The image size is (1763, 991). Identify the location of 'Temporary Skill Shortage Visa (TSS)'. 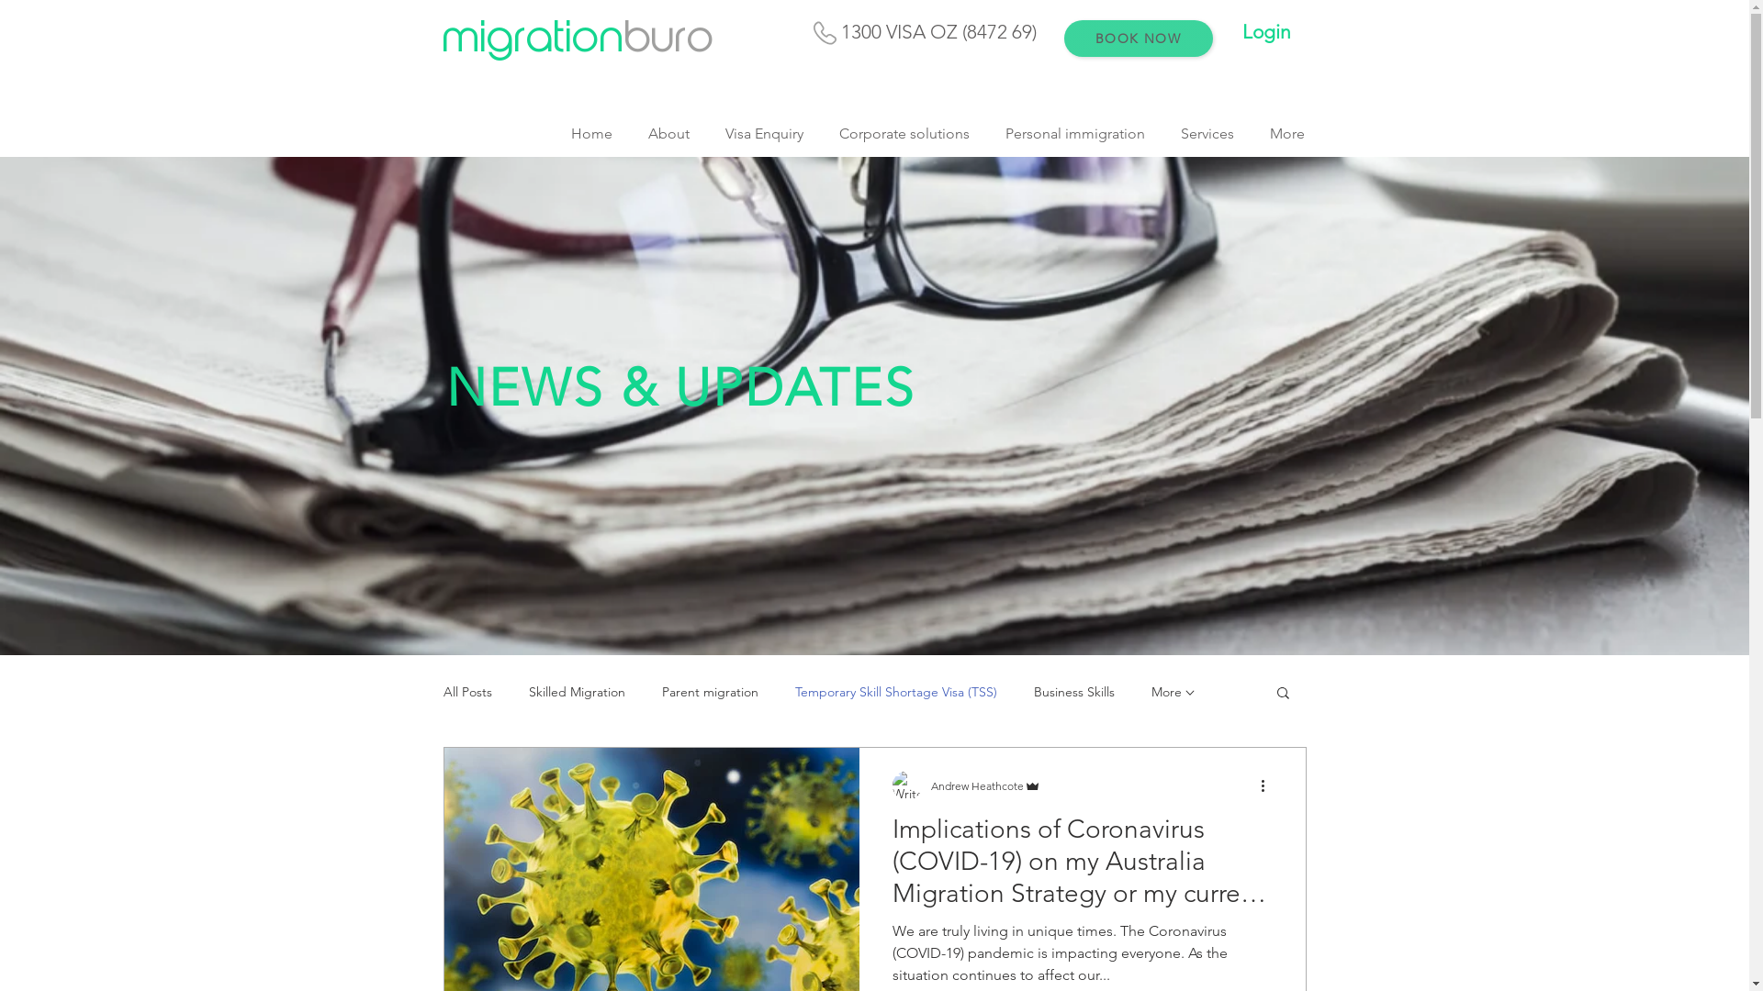
(794, 691).